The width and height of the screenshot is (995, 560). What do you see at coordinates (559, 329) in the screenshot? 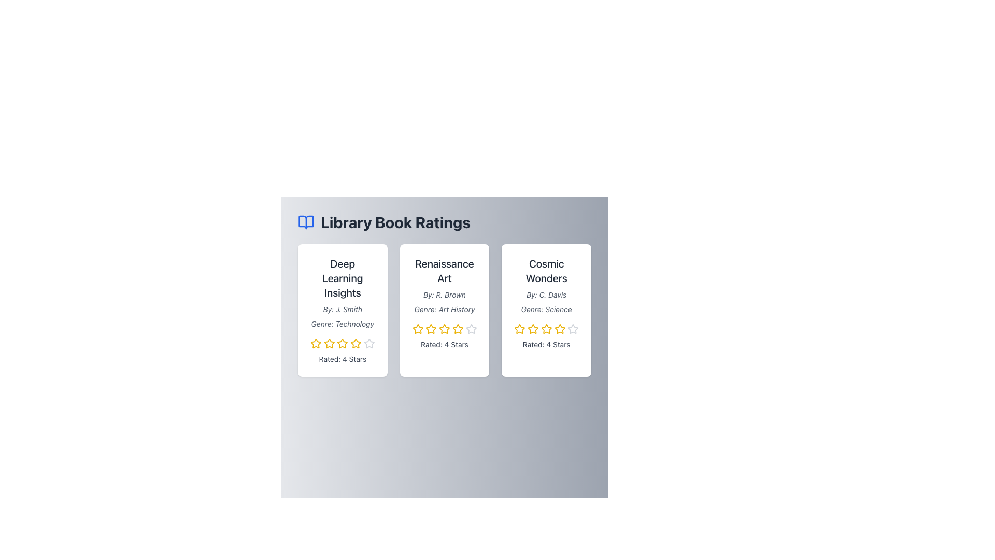
I see `the fifth yellow star icon in the rating system located below the 'Cosmic Wonders' book card` at bounding box center [559, 329].